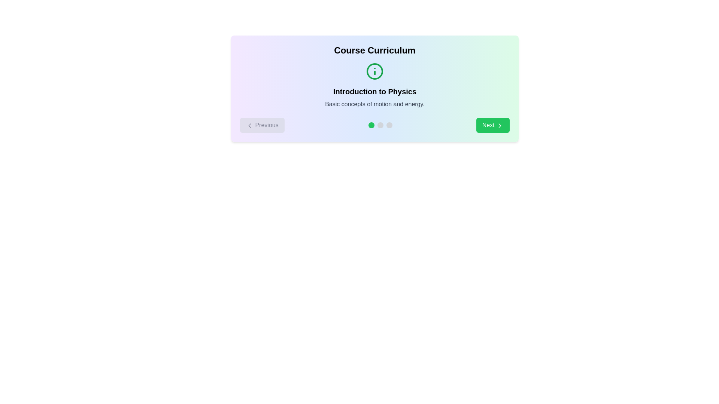 The image size is (719, 404). I want to click on the rightward-pointing Chevron icon located at the center of the 'Next' button in the lower-right corner of the card-like UI segment to proceed, so click(500, 125).